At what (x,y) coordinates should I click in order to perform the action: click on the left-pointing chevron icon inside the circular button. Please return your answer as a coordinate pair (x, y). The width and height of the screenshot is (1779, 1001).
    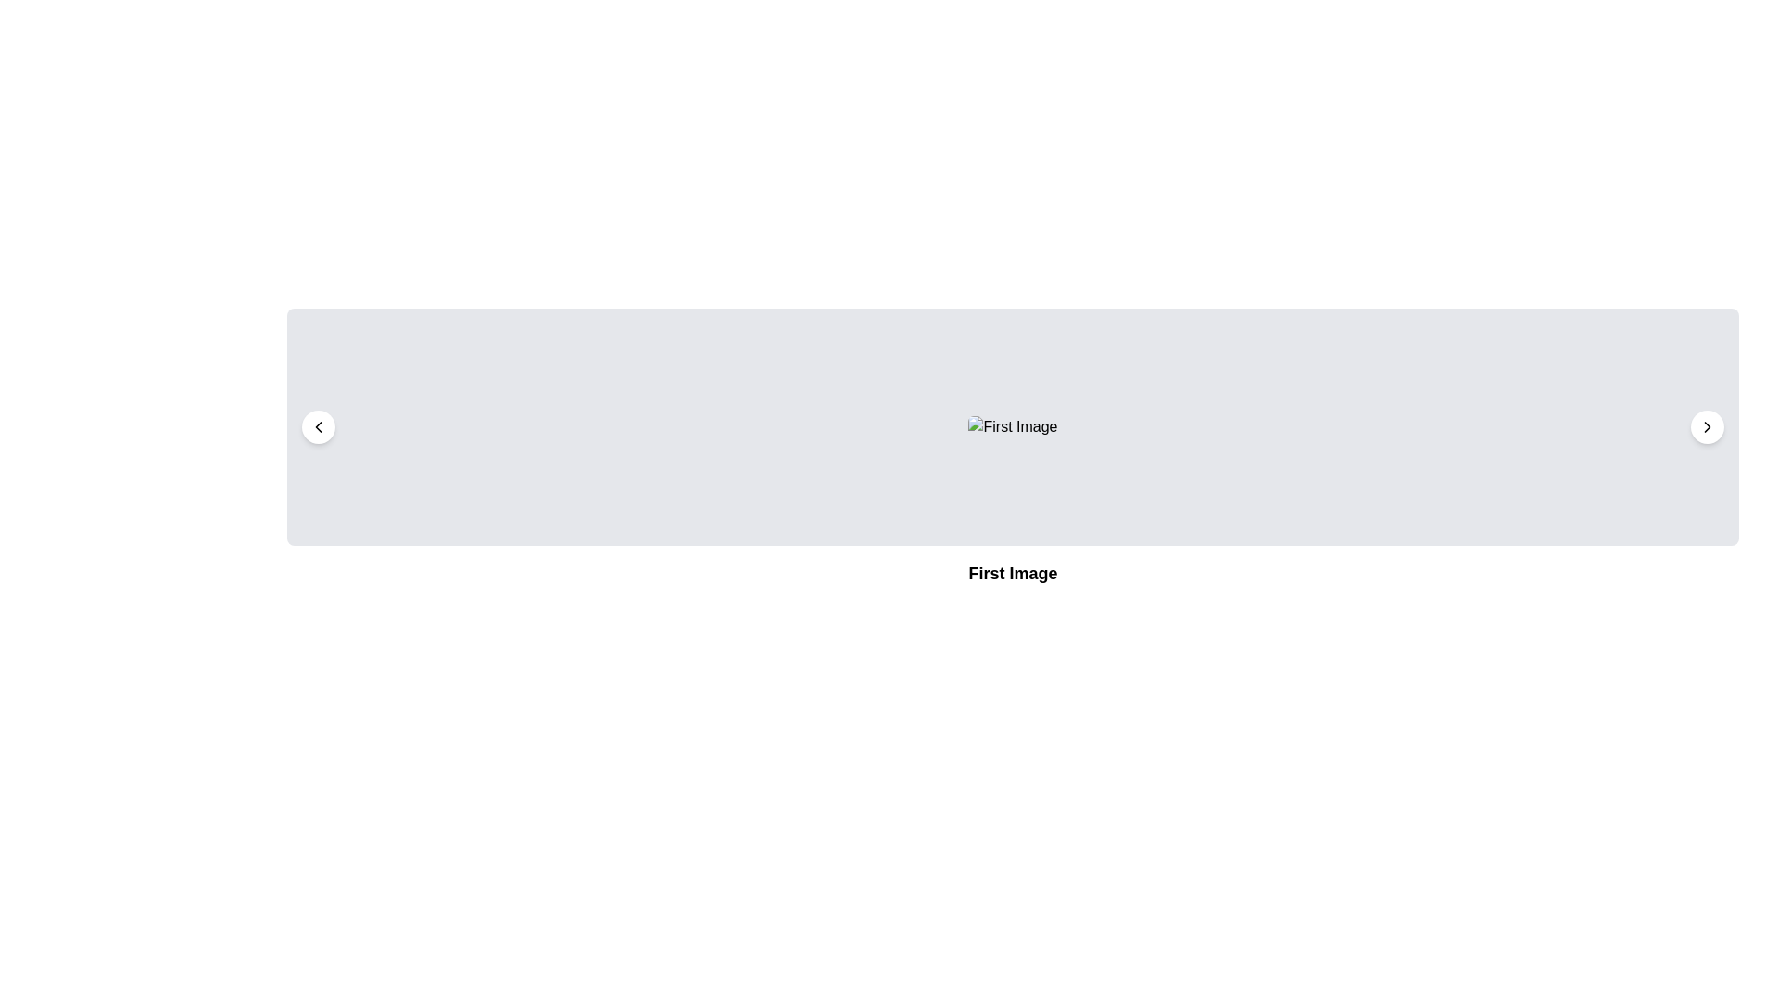
    Looking at the image, I should click on (319, 427).